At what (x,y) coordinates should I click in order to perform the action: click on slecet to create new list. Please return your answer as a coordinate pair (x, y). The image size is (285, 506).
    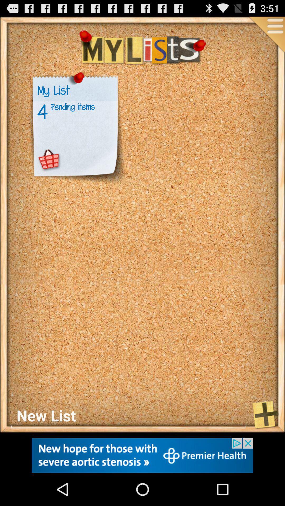
    Looking at the image, I should click on (128, 415).